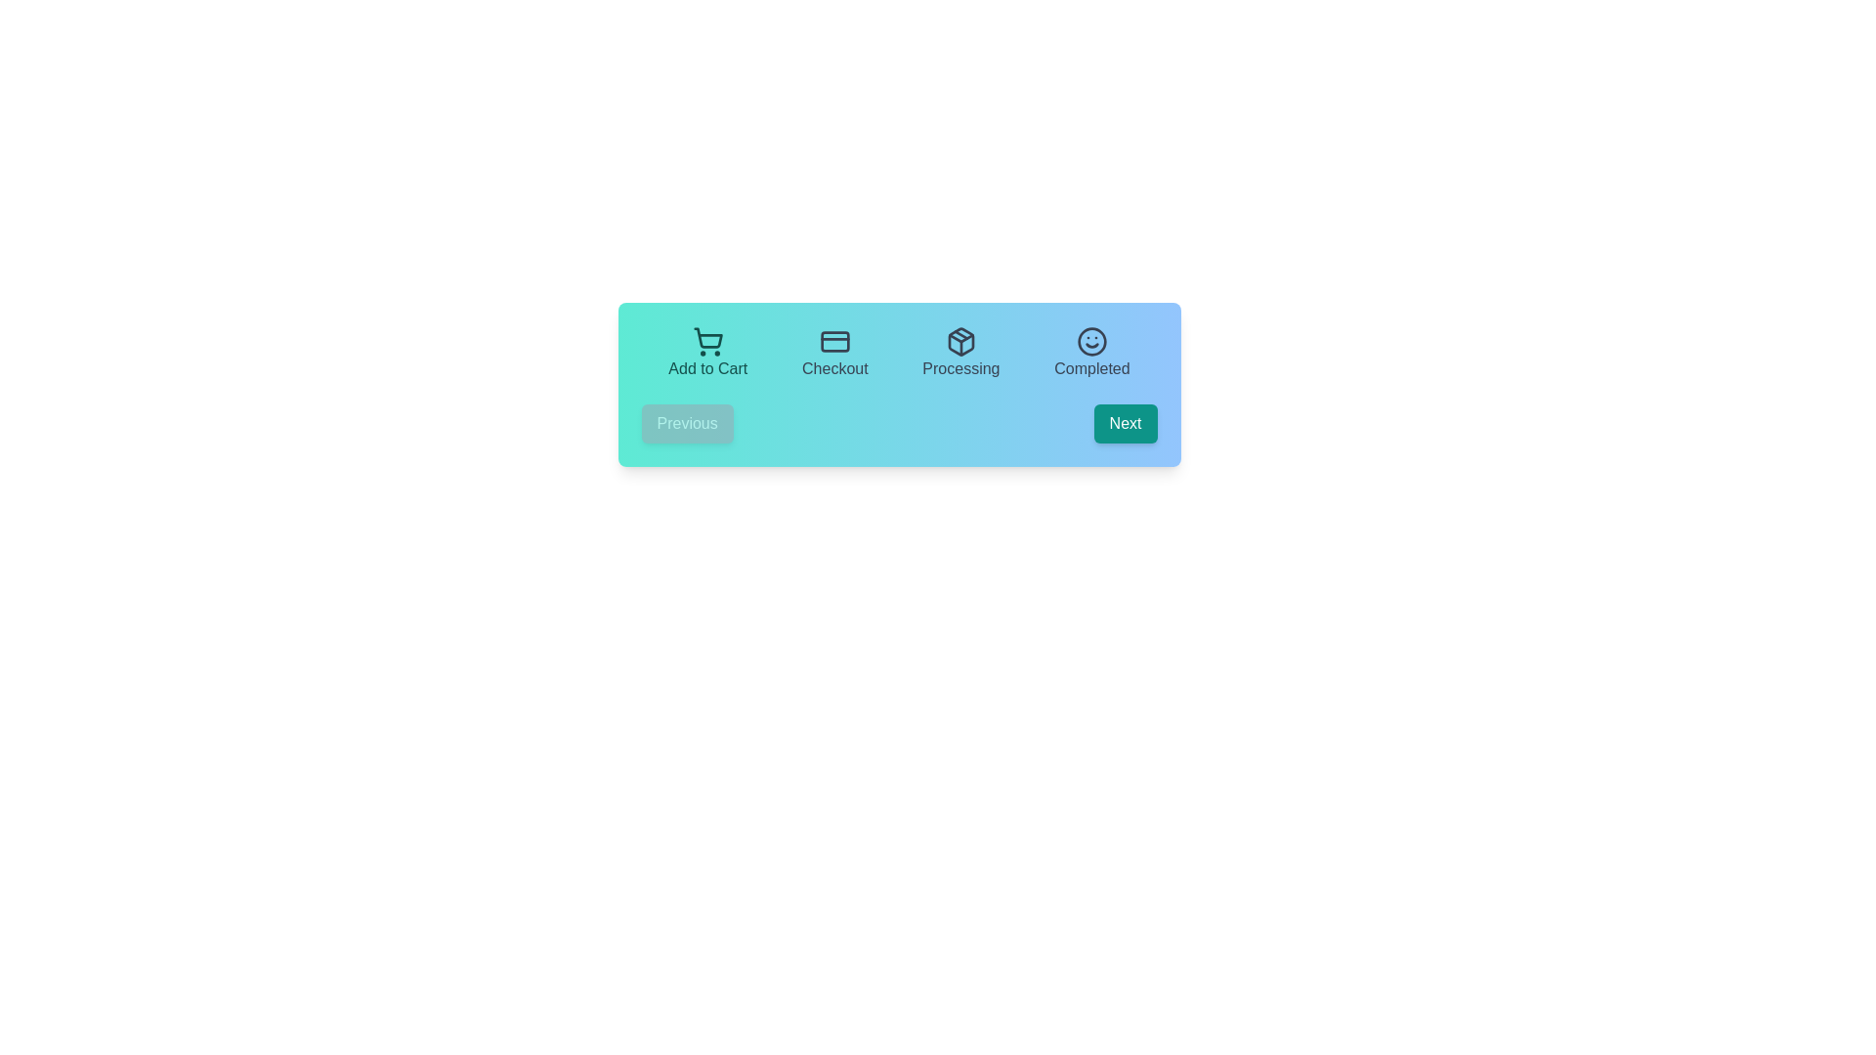 Image resolution: width=1876 pixels, height=1055 pixels. Describe the element at coordinates (1091, 354) in the screenshot. I see `the step labeled Completed to focus on it` at that location.